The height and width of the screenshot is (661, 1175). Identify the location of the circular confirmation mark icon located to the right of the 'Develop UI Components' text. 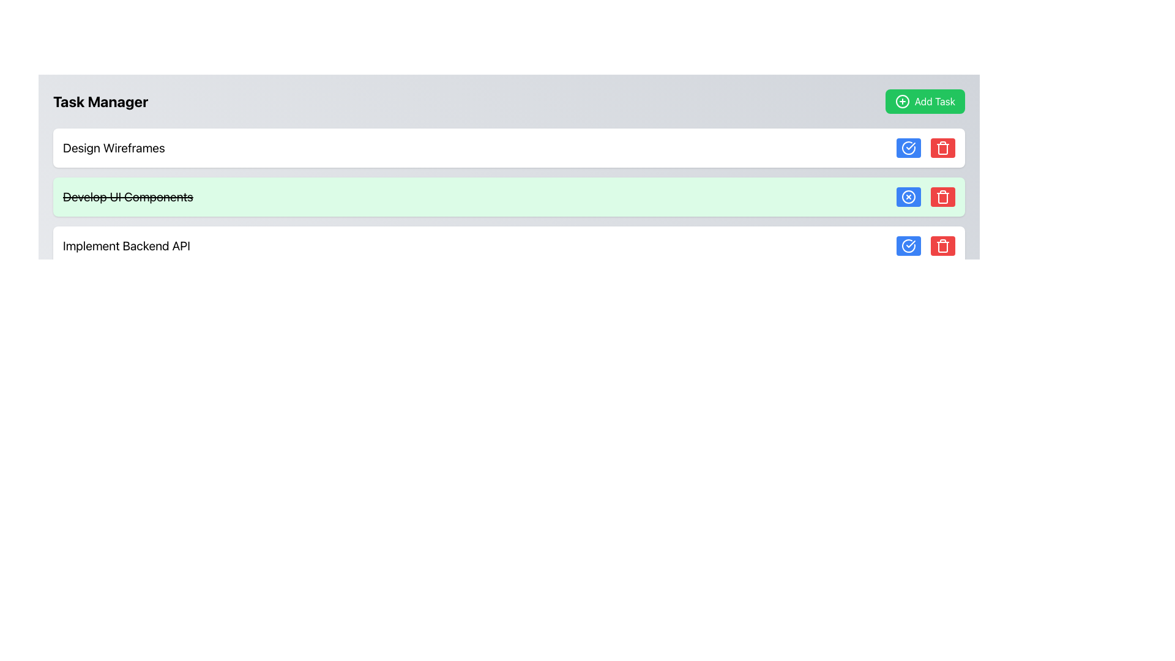
(908, 245).